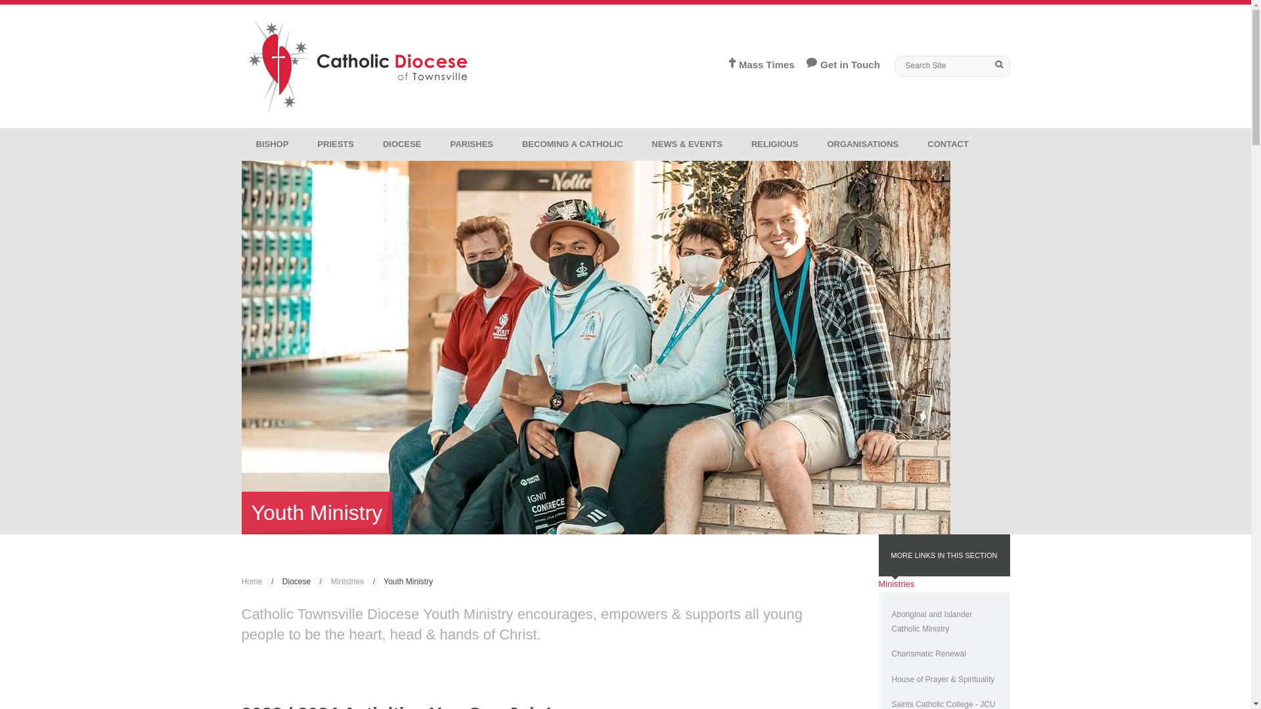 This screenshot has width=1261, height=709. What do you see at coordinates (686, 144) in the screenshot?
I see `'NEWS & EVENTS'` at bounding box center [686, 144].